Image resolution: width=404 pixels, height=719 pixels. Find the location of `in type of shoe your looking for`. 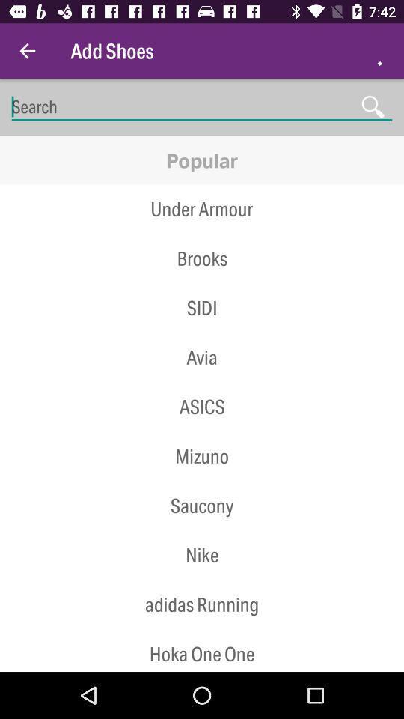

in type of shoe your looking for is located at coordinates (202, 106).